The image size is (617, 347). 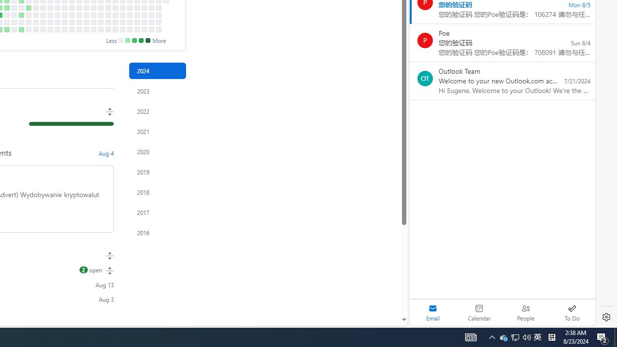 I want to click on 'No contributions on September 26th.', so click(x=64, y=15).